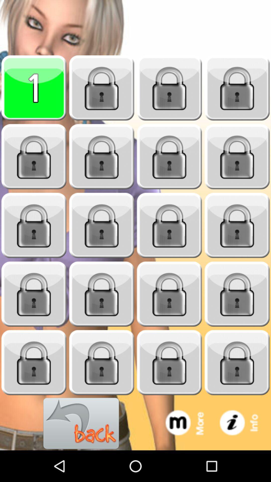  What do you see at coordinates (190, 423) in the screenshot?
I see `extra options` at bounding box center [190, 423].